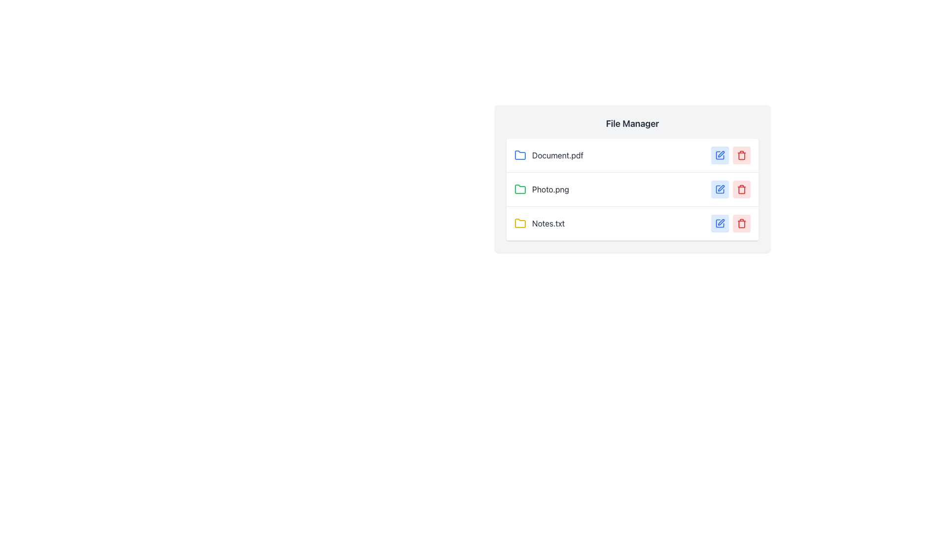  Describe the element at coordinates (720, 190) in the screenshot. I see `the edit button in the file manager interface` at that location.